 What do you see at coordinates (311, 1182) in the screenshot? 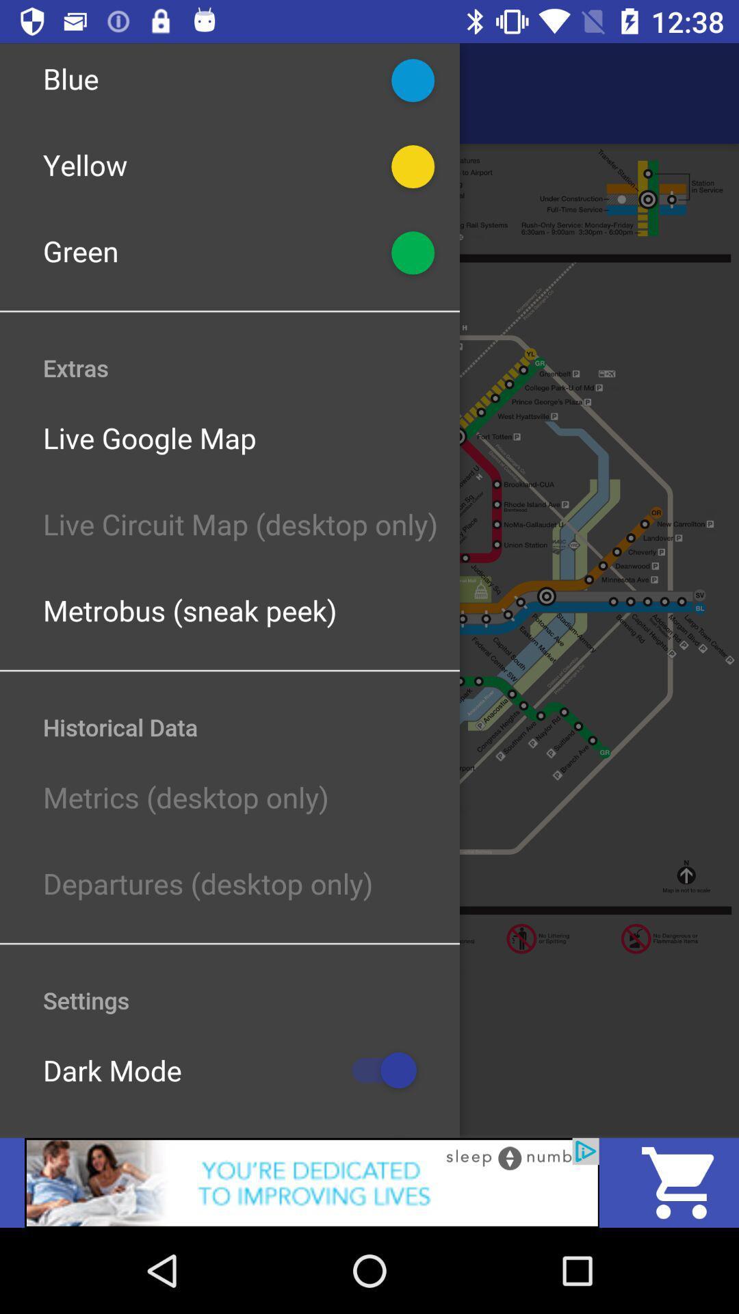
I see `advertisement button` at bounding box center [311, 1182].